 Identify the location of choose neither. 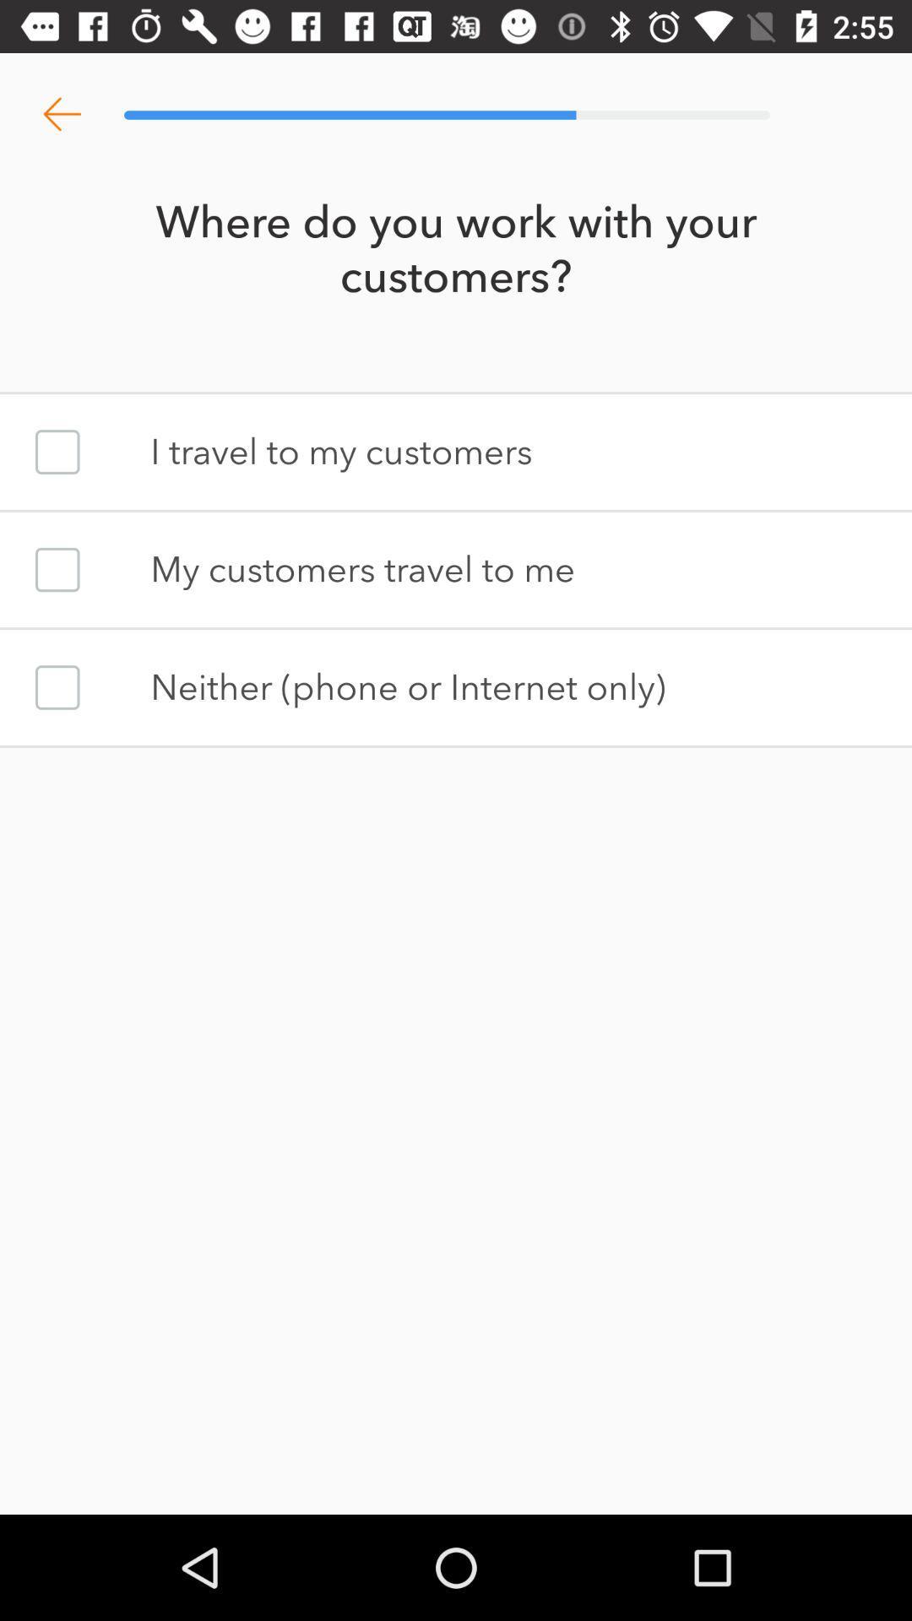
(57, 687).